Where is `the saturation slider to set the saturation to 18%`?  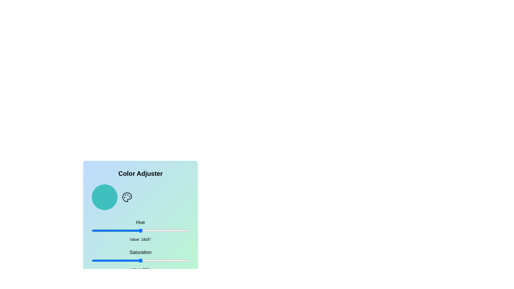
the saturation slider to set the saturation to 18% is located at coordinates (109, 260).